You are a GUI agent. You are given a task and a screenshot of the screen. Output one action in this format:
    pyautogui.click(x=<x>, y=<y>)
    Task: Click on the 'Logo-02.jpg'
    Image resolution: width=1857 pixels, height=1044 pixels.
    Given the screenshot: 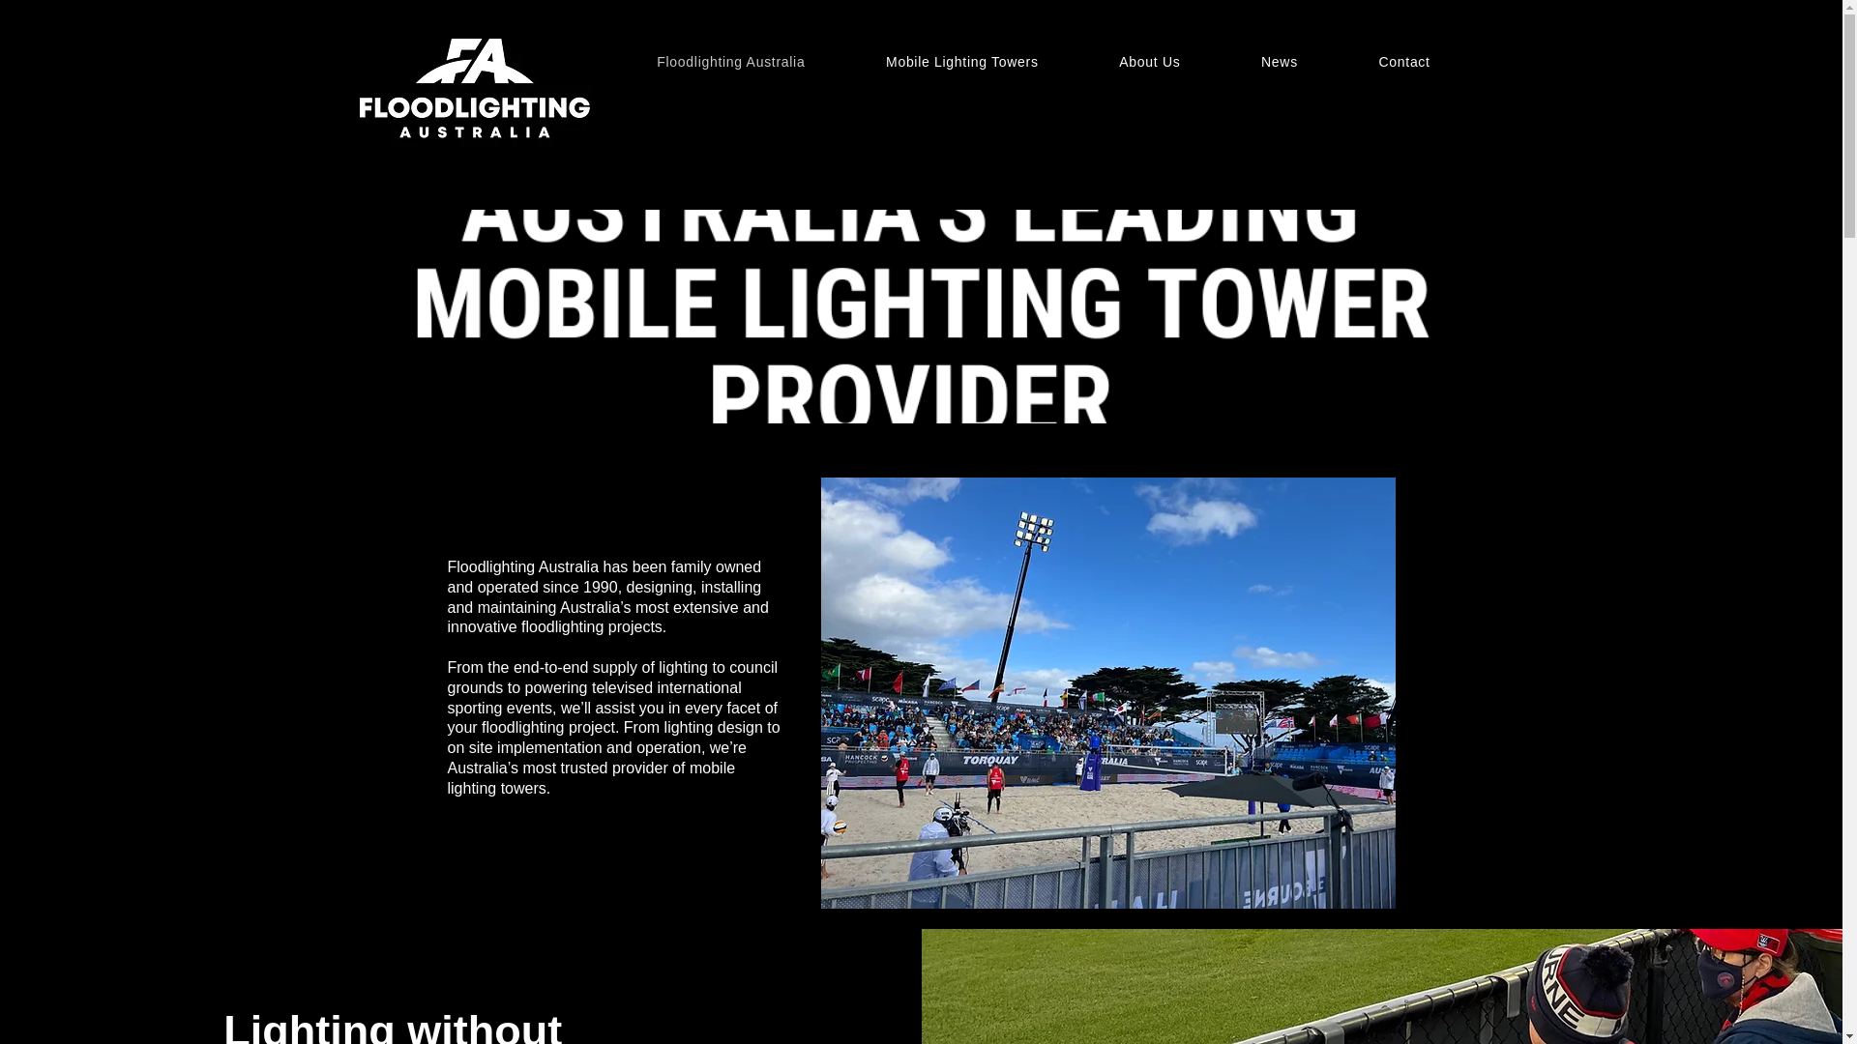 What is the action you would take?
    pyautogui.click(x=473, y=84)
    